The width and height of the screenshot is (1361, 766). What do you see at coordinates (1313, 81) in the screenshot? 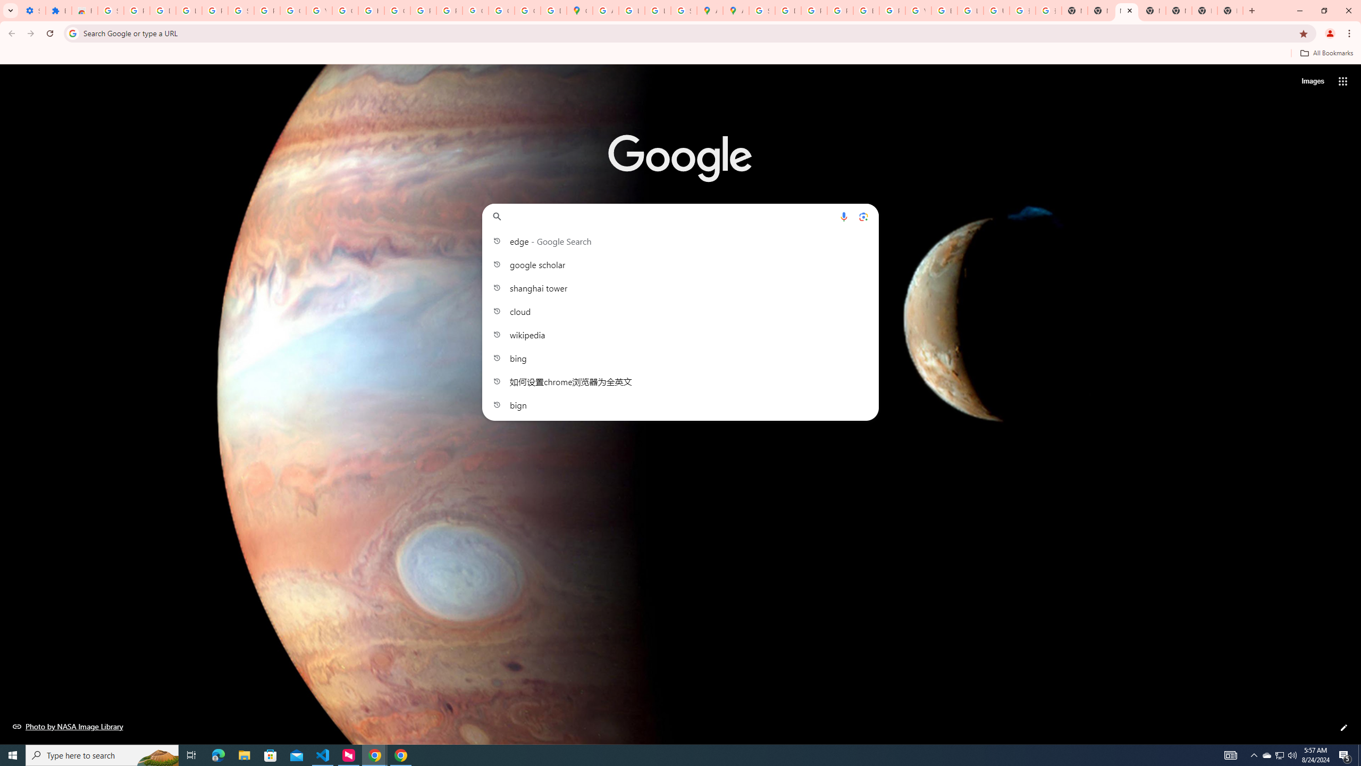
I see `'Search for Images '` at bounding box center [1313, 81].